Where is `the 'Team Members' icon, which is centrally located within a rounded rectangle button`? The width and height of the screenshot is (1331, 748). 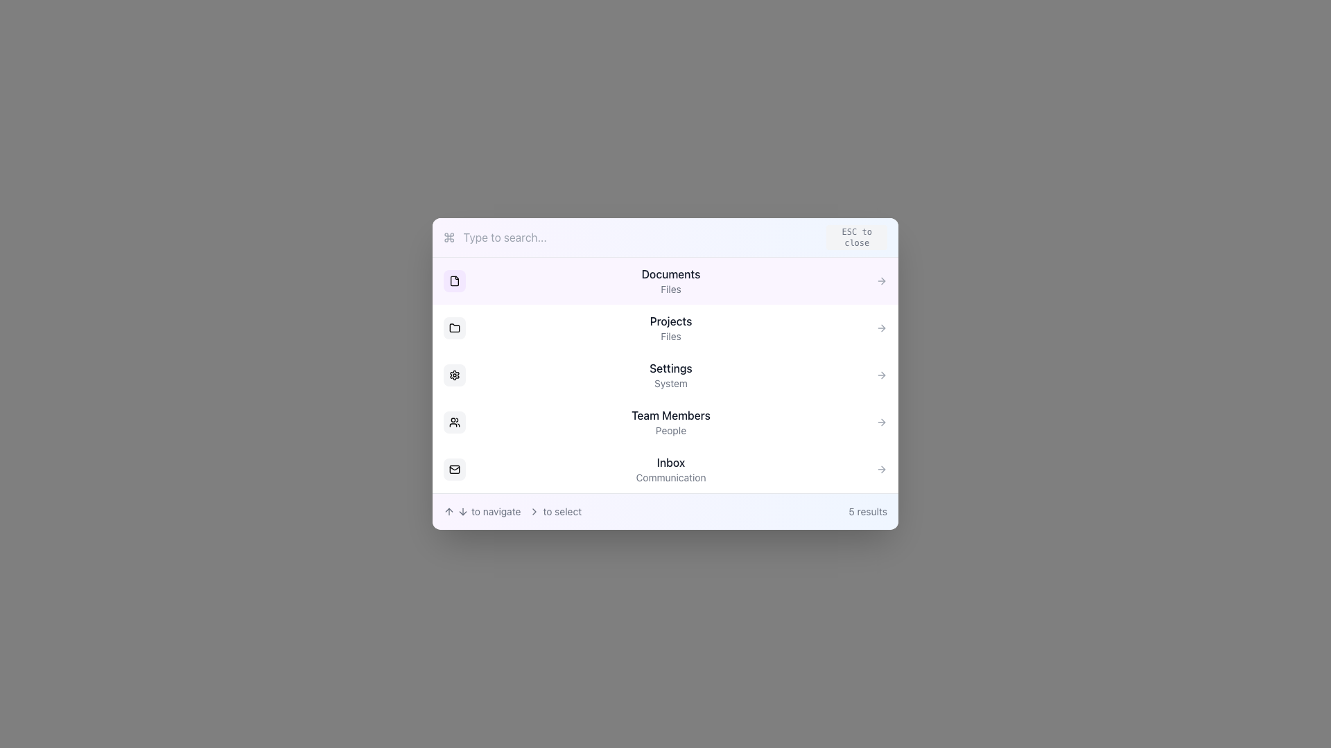 the 'Team Members' icon, which is centrally located within a rounded rectangle button is located at coordinates (455, 421).